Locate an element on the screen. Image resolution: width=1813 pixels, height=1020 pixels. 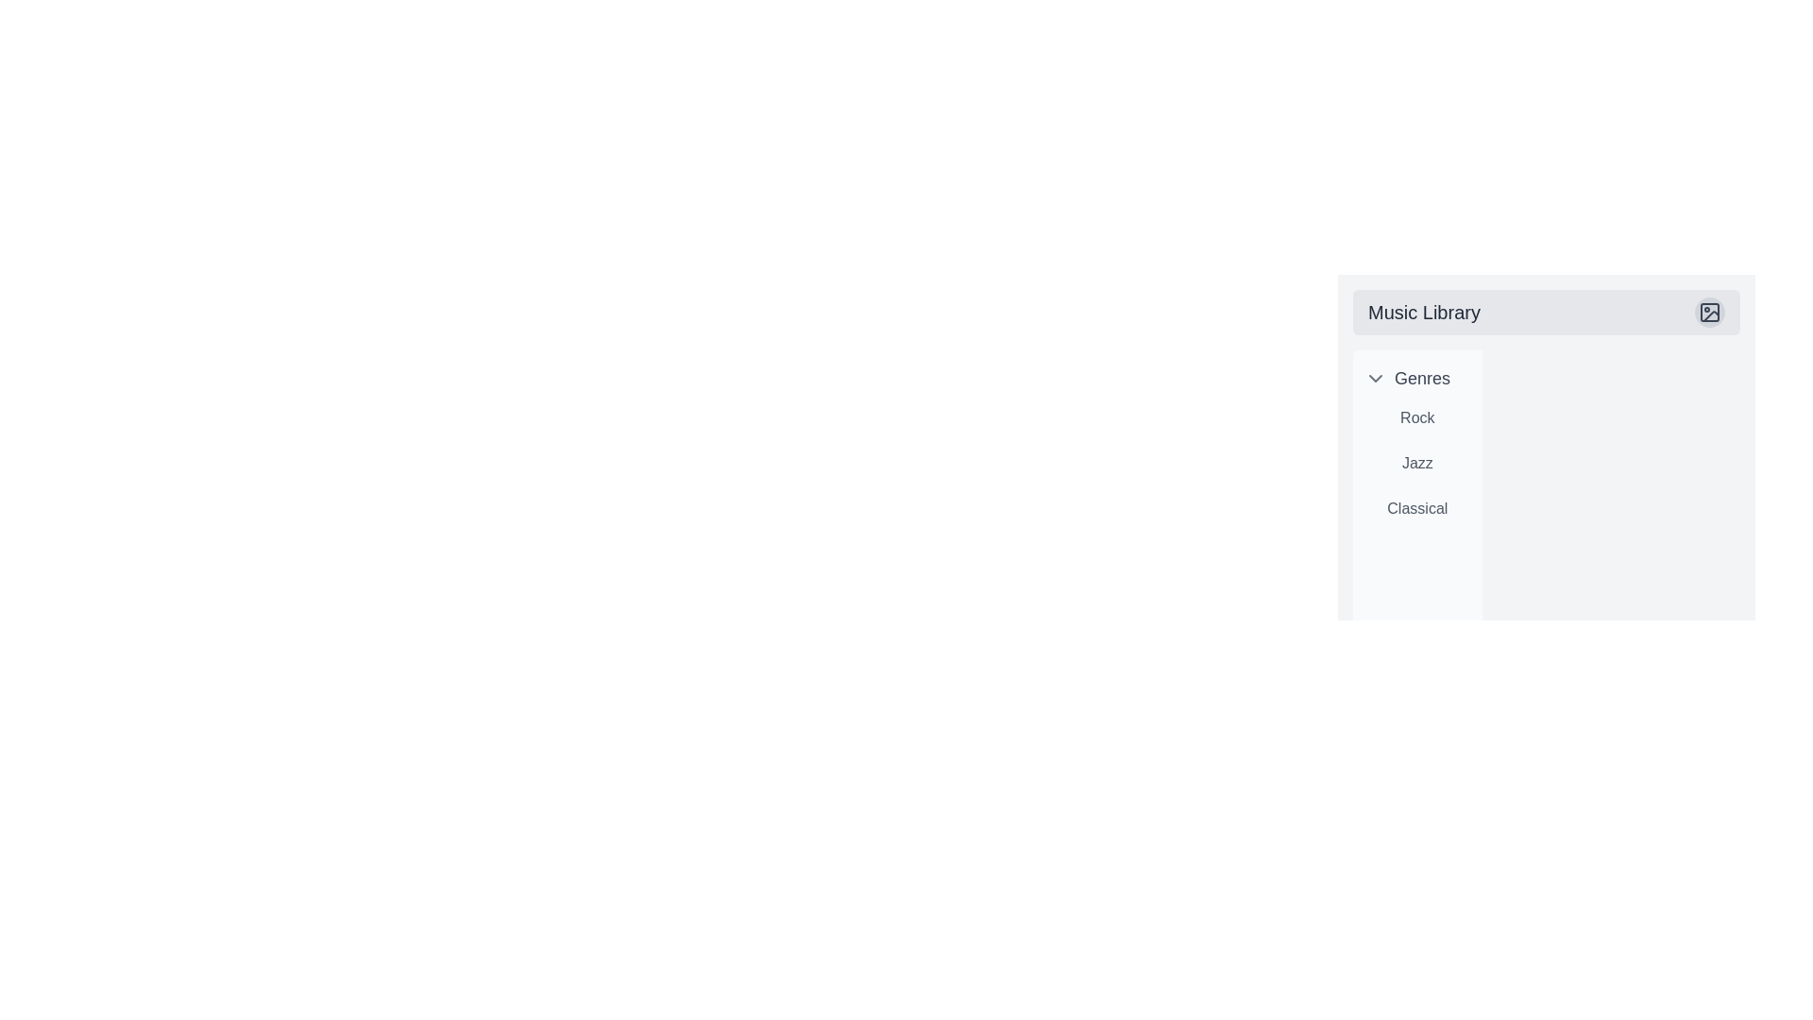
the text label displaying 'Rock' in the Music Library section is located at coordinates (1417, 417).